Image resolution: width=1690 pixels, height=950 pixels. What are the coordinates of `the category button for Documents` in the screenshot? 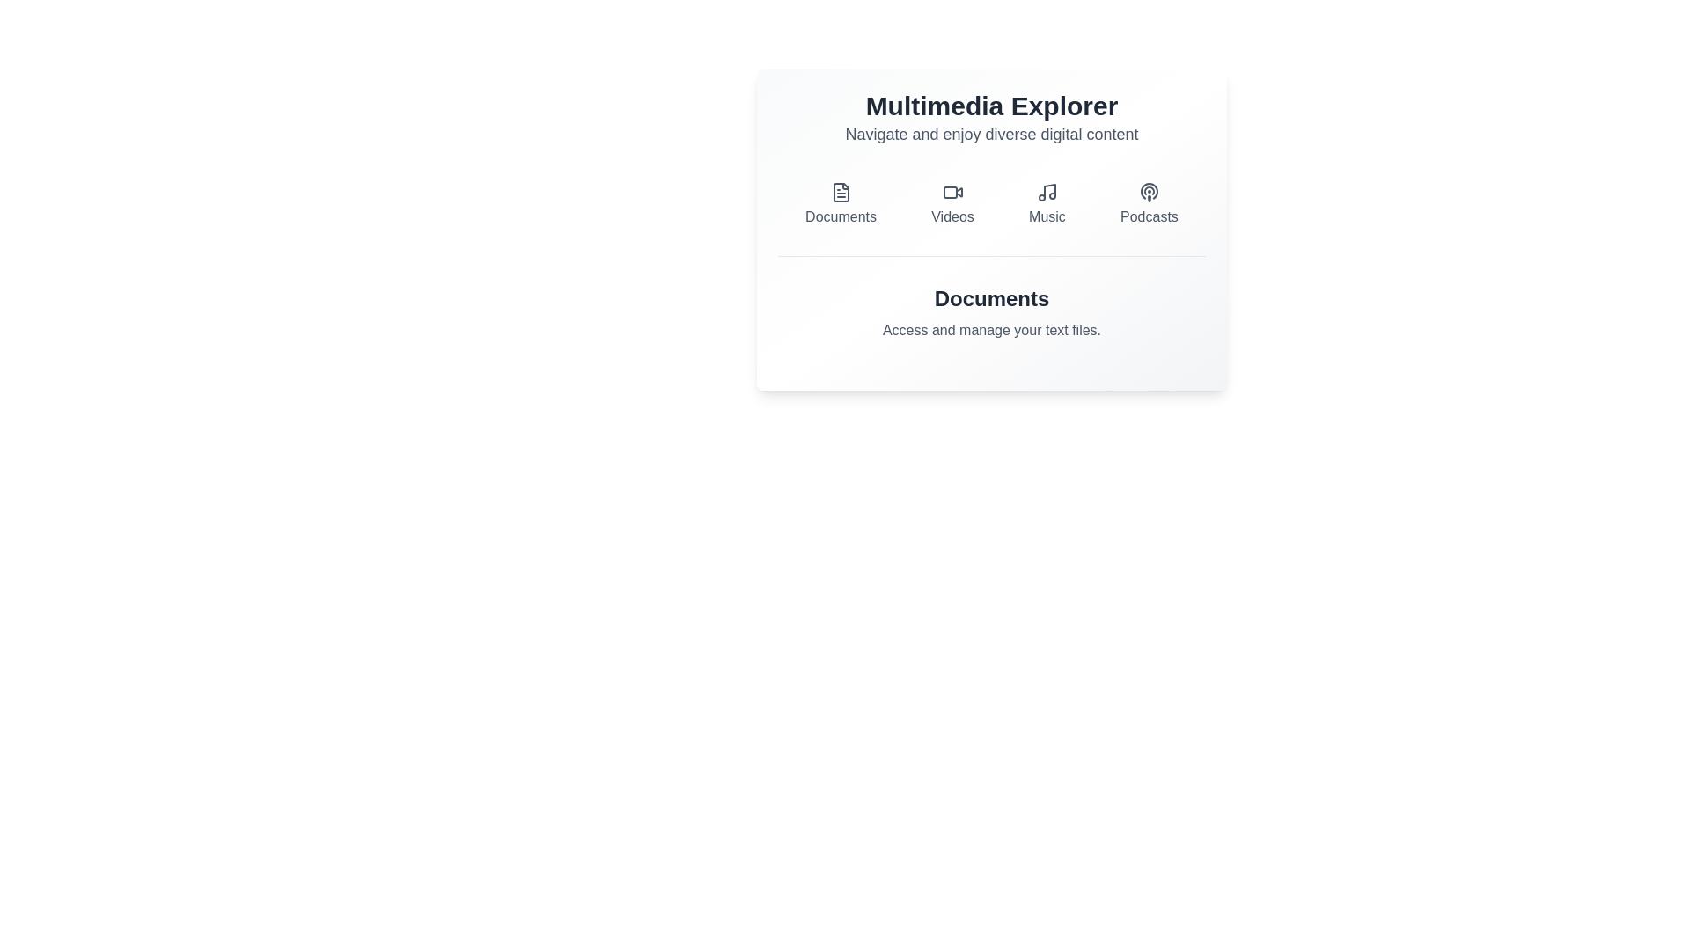 It's located at (840, 203).